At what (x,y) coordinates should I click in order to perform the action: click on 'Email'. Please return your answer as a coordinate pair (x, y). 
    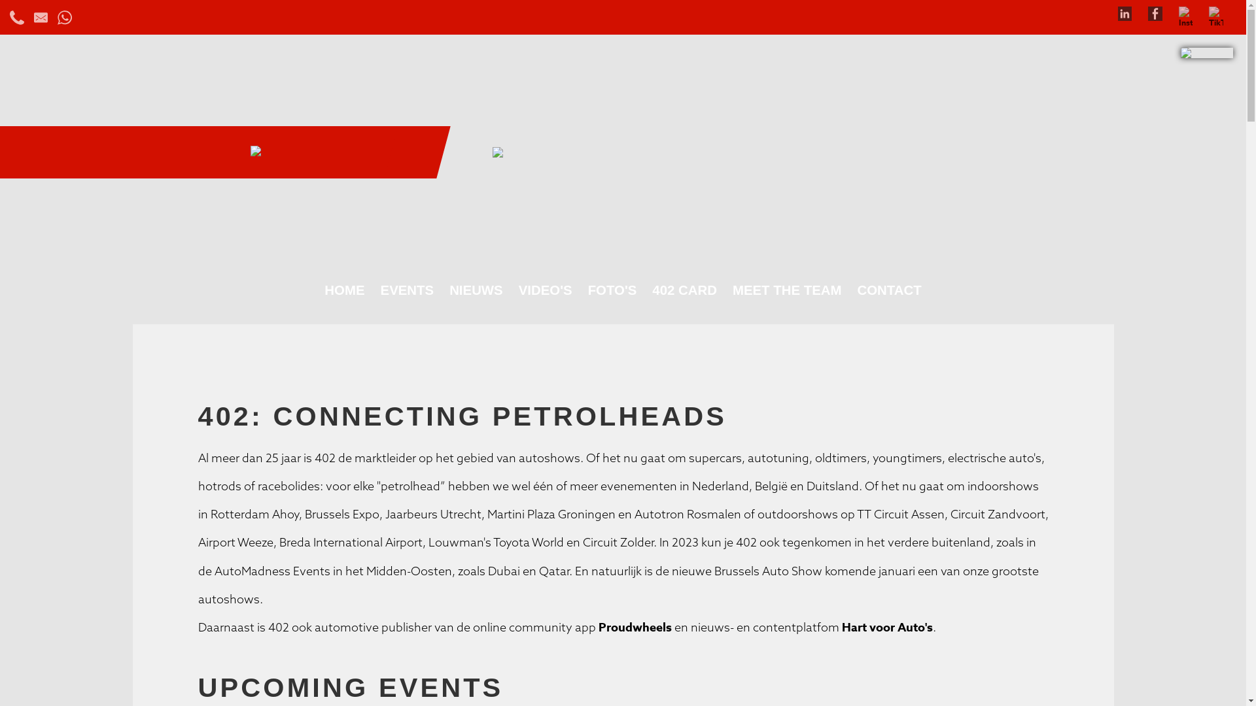
    Looking at the image, I should click on (41, 16).